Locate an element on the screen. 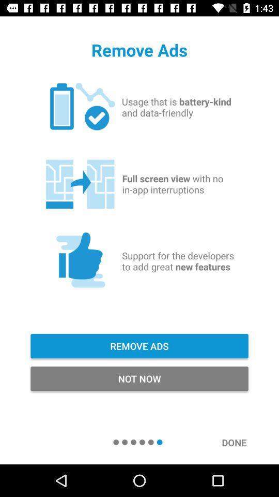 This screenshot has width=279, height=497. the done is located at coordinates (239, 442).